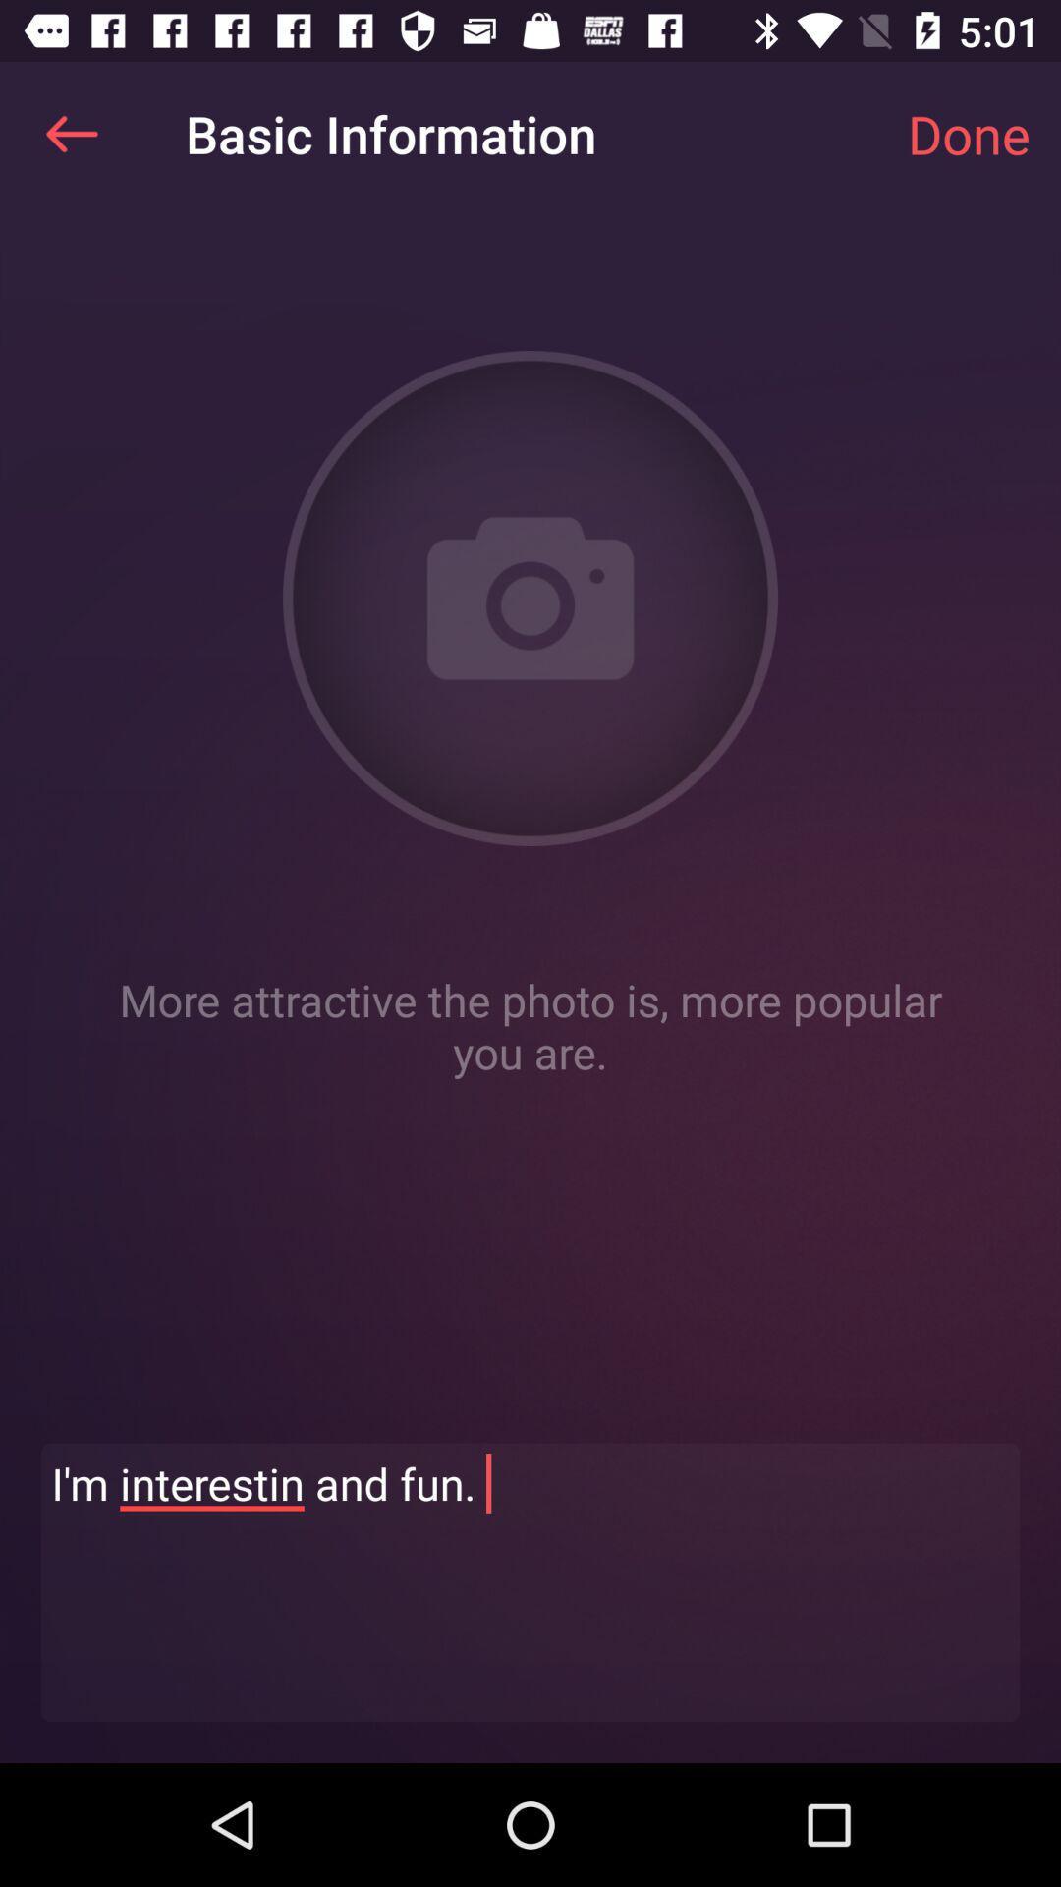 Image resolution: width=1061 pixels, height=1887 pixels. Describe the element at coordinates (530, 1582) in the screenshot. I see `the icon below the more attractive the icon` at that location.